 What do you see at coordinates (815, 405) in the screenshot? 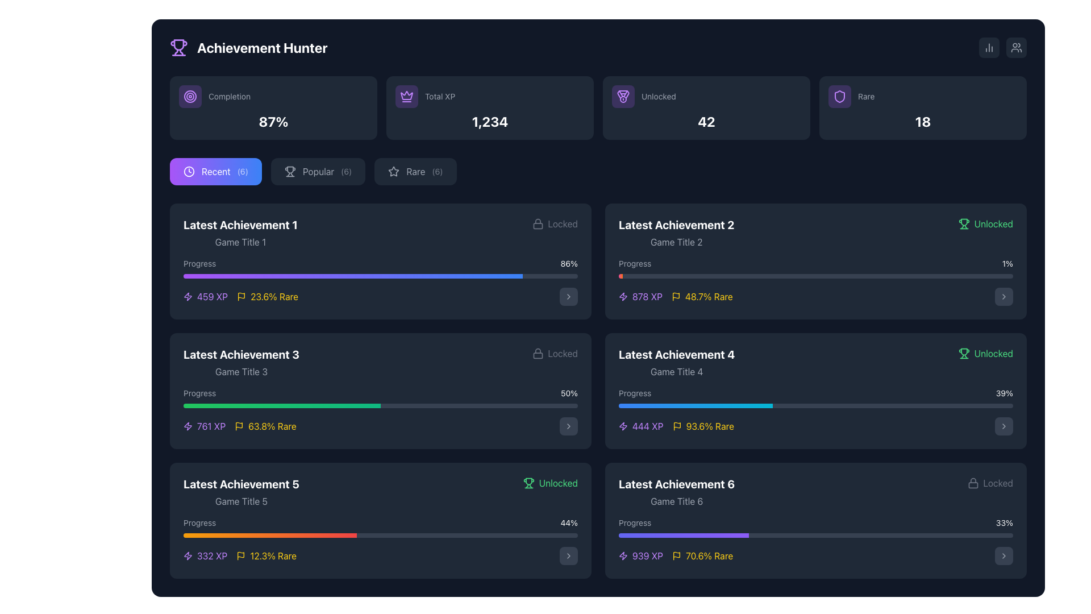
I see `the horizontal progress bar located in the 'Latest Achievement 4' section, which has a dark gray background and a gradient fill from blue to cyan, positioned below the text 'Progress' and the value '39%.'` at bounding box center [815, 405].